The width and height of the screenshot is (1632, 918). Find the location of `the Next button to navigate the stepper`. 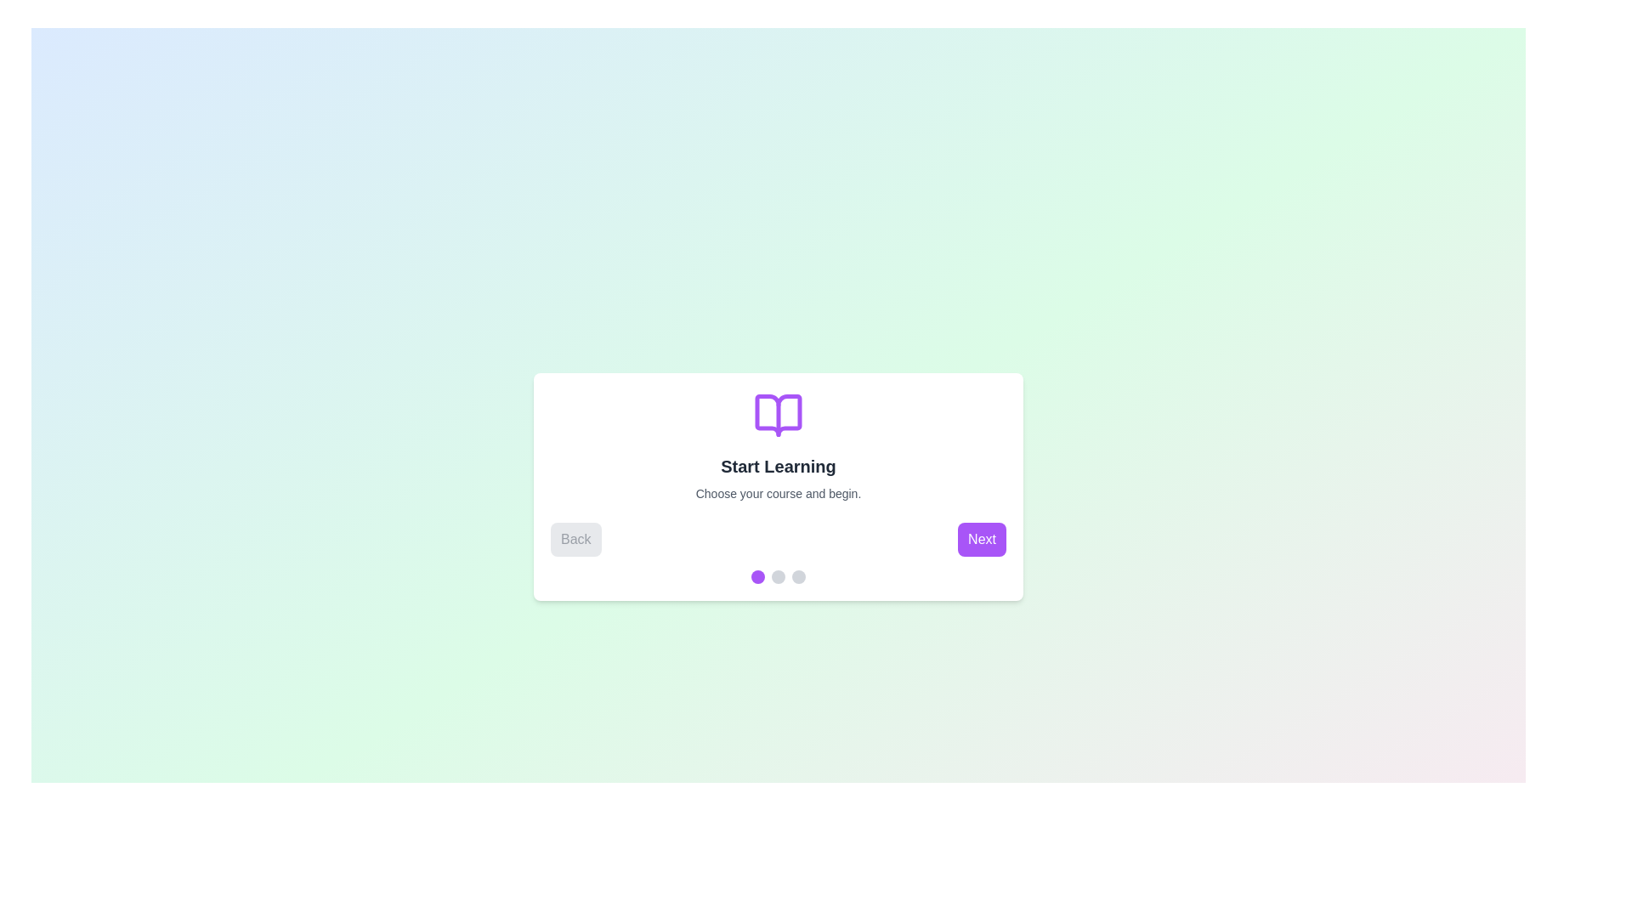

the Next button to navigate the stepper is located at coordinates (982, 540).